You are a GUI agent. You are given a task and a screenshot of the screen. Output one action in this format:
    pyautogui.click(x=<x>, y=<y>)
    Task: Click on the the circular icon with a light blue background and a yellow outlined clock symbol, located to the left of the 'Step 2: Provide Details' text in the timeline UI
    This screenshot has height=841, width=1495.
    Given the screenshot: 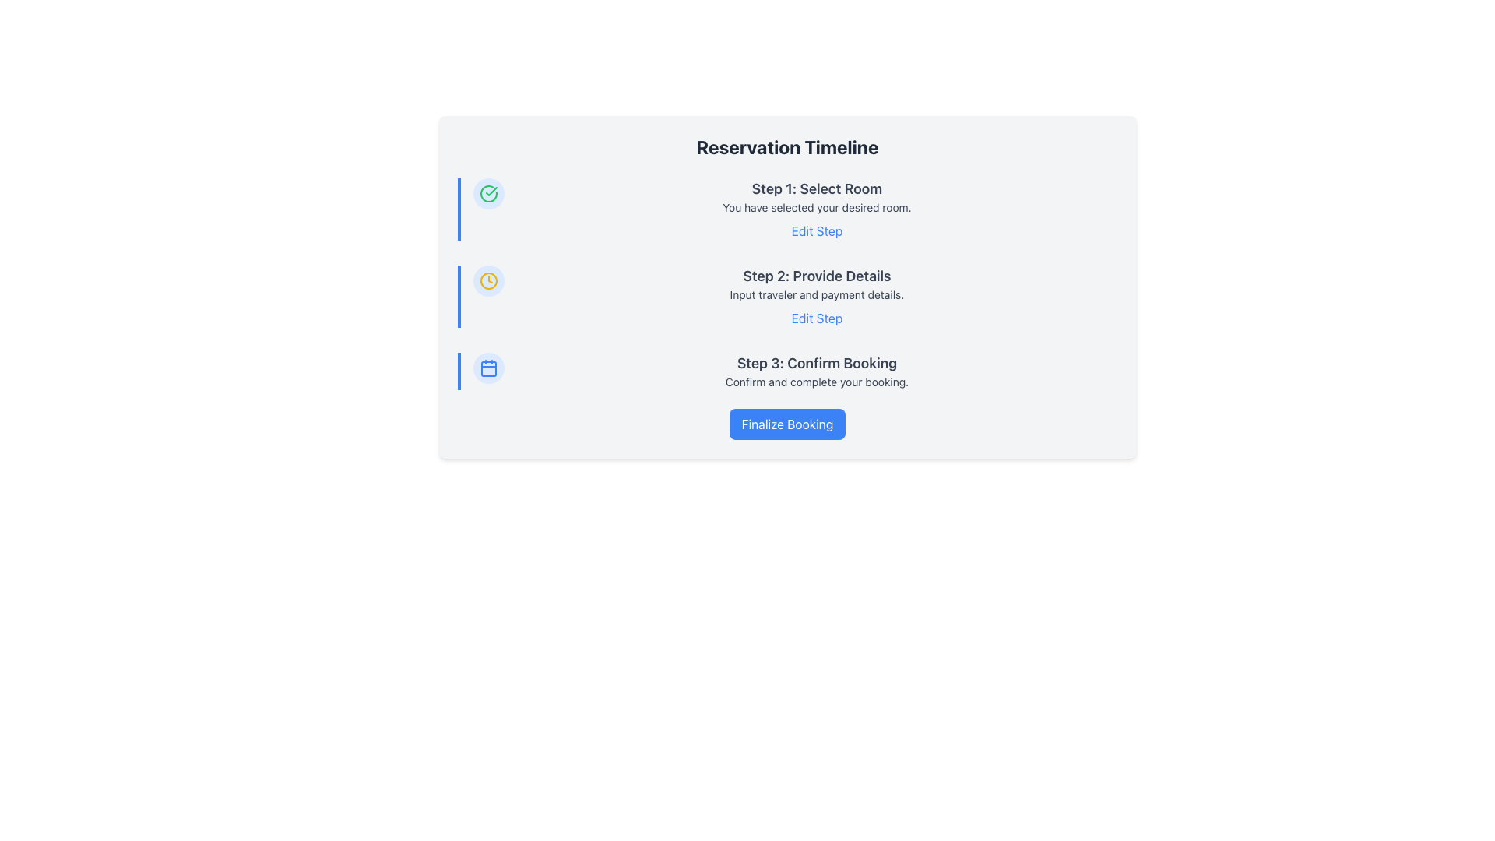 What is the action you would take?
    pyautogui.click(x=487, y=281)
    